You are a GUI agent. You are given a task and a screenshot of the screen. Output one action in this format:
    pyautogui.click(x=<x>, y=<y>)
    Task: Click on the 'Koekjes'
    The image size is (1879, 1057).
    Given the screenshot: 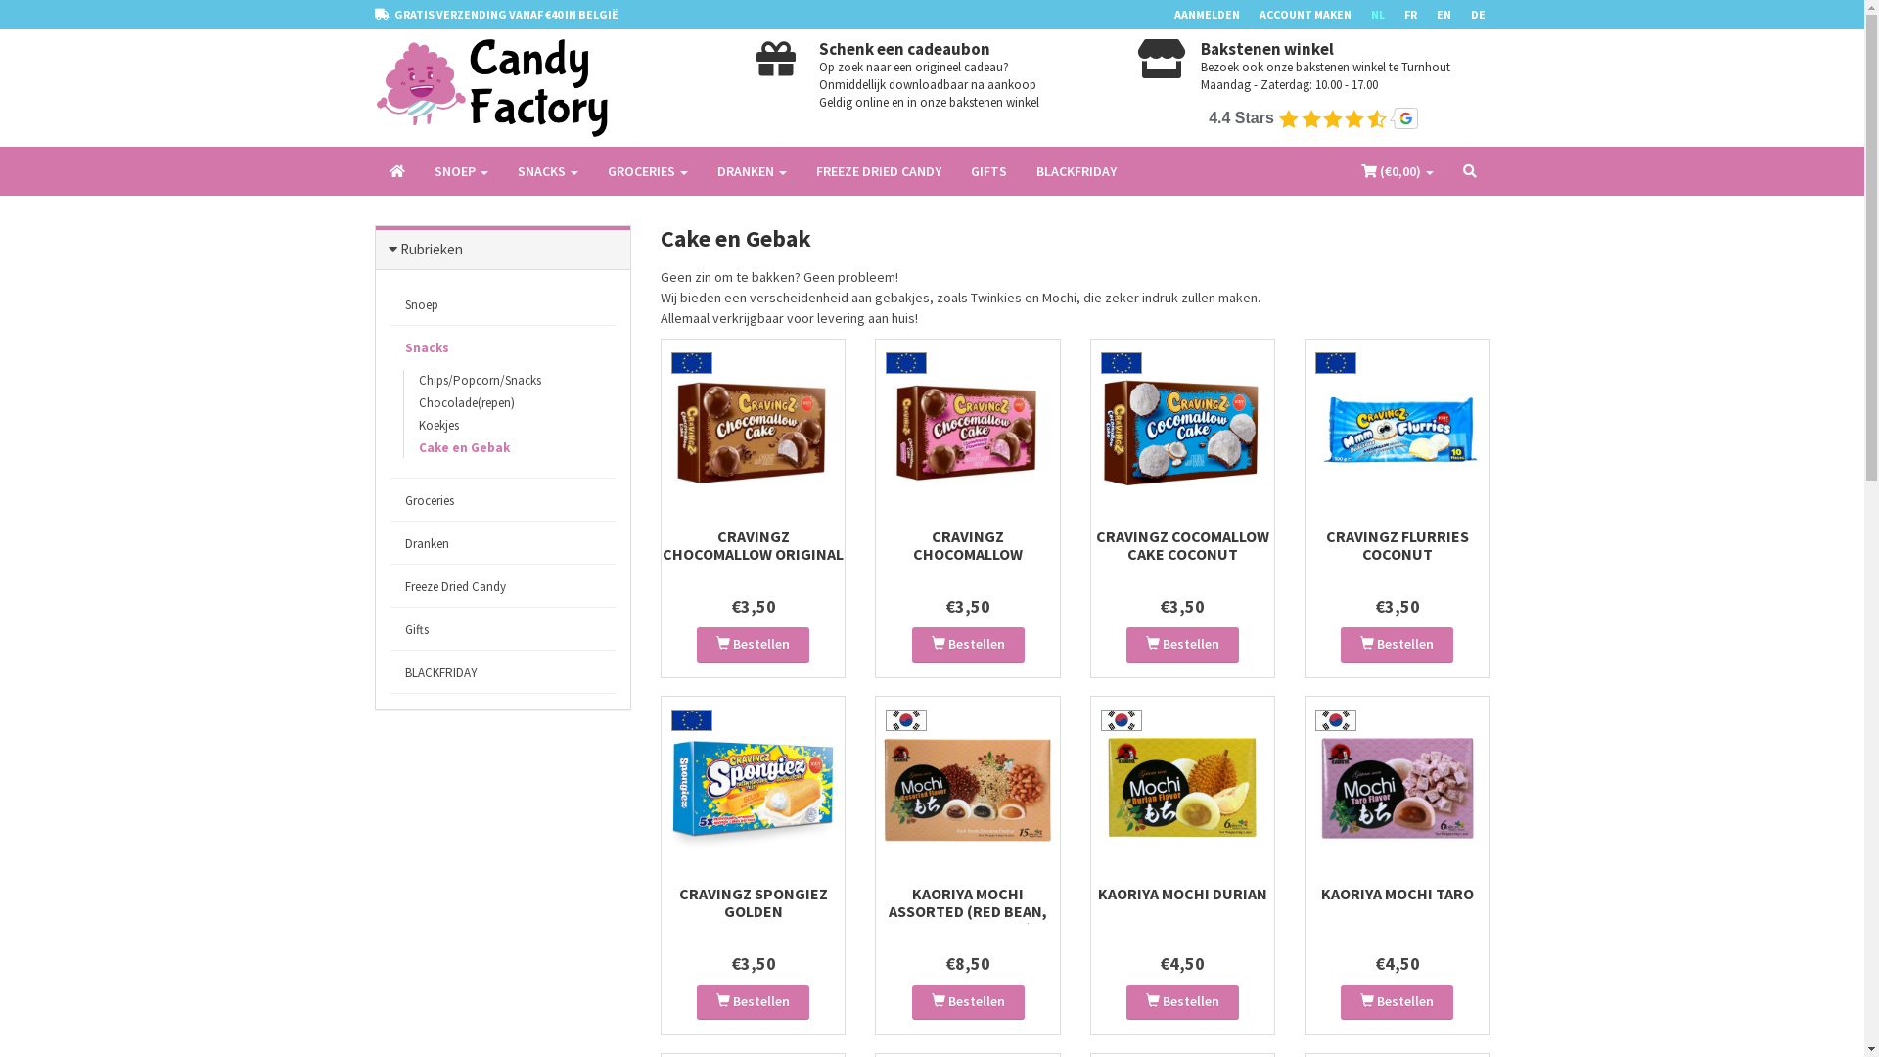 What is the action you would take?
    pyautogui.click(x=402, y=424)
    